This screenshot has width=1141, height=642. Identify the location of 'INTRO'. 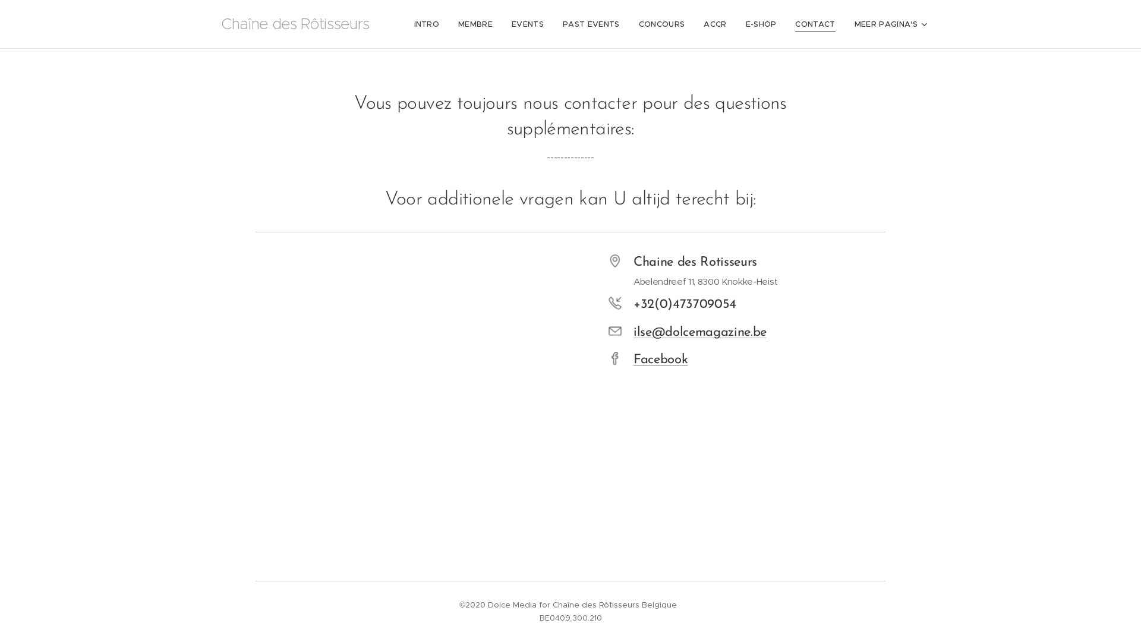
(430, 24).